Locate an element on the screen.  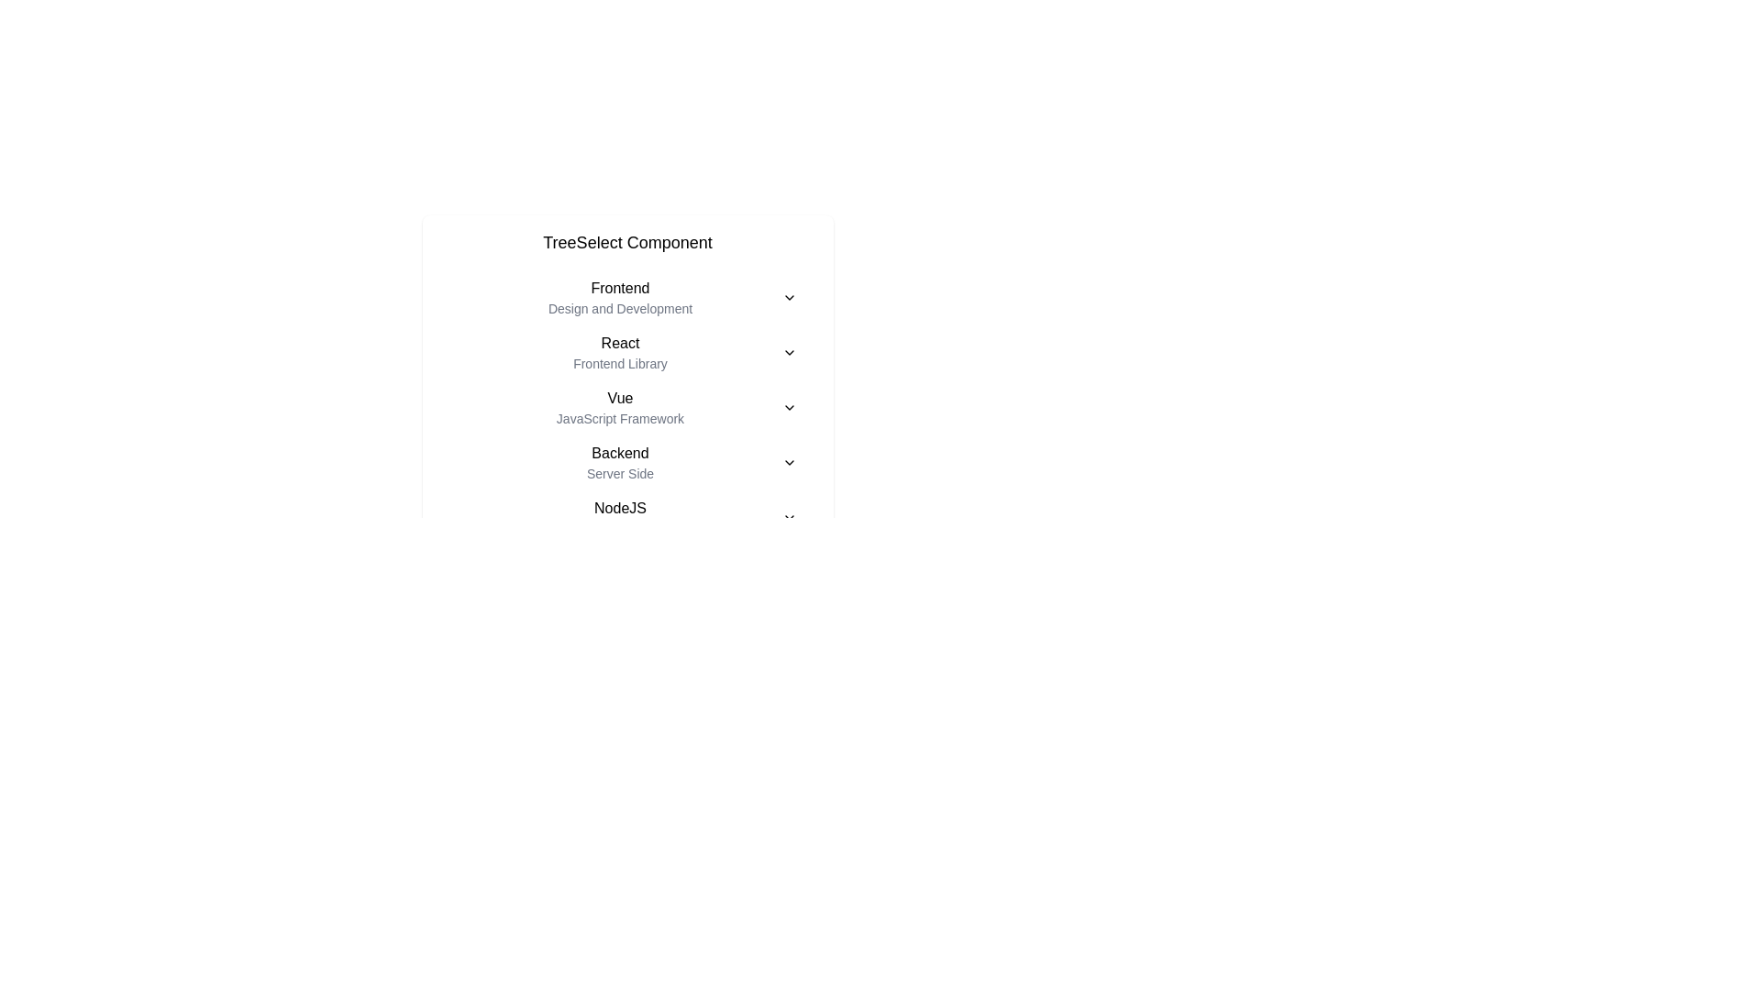
the 'Vue' dropdown menu item for keyboard navigation is located at coordinates (627, 406).